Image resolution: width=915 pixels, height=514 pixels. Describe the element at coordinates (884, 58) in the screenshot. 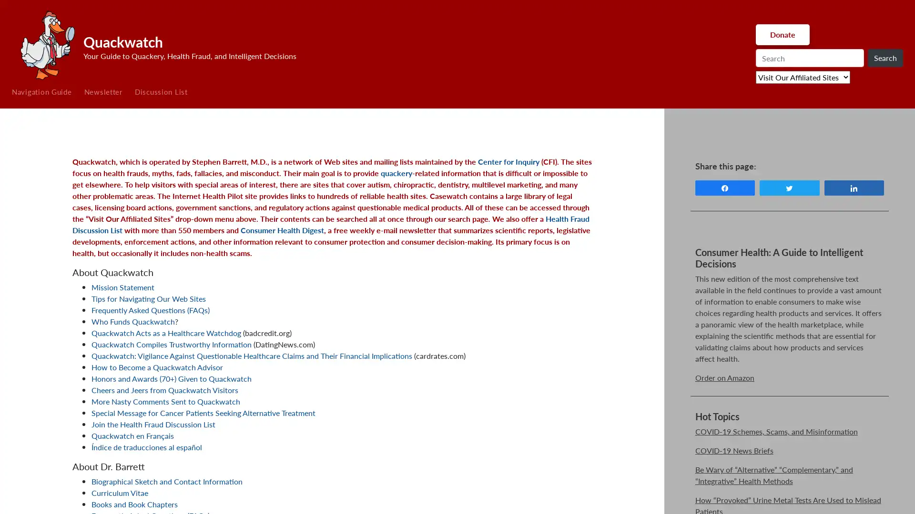

I see `Search` at that location.